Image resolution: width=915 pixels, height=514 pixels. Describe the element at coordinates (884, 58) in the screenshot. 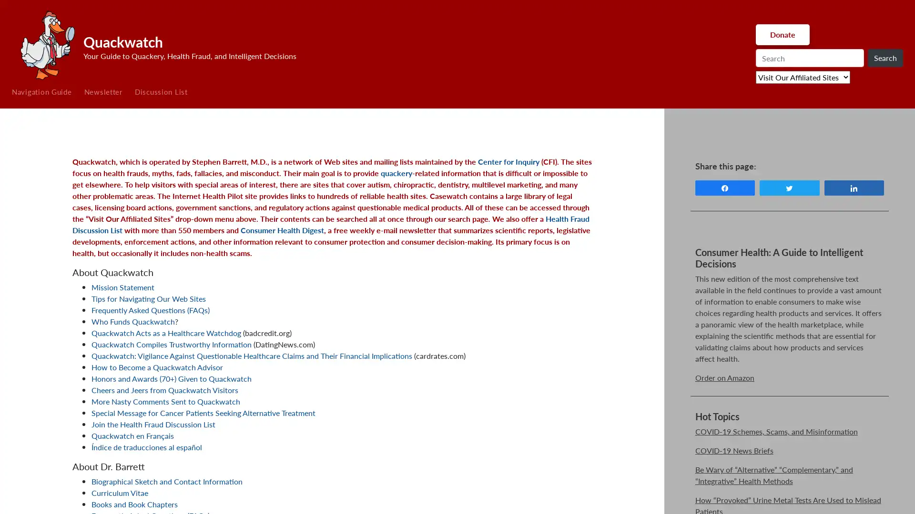

I see `Search` at that location.